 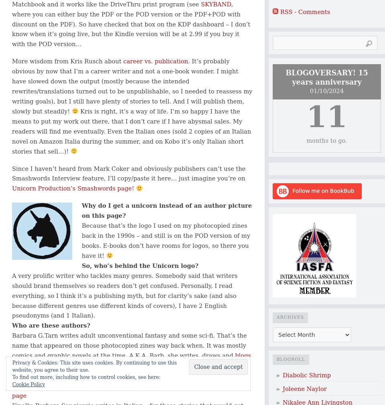 I want to click on 'BLOGOVERSARY! 15 years anniversary', so click(x=286, y=77).